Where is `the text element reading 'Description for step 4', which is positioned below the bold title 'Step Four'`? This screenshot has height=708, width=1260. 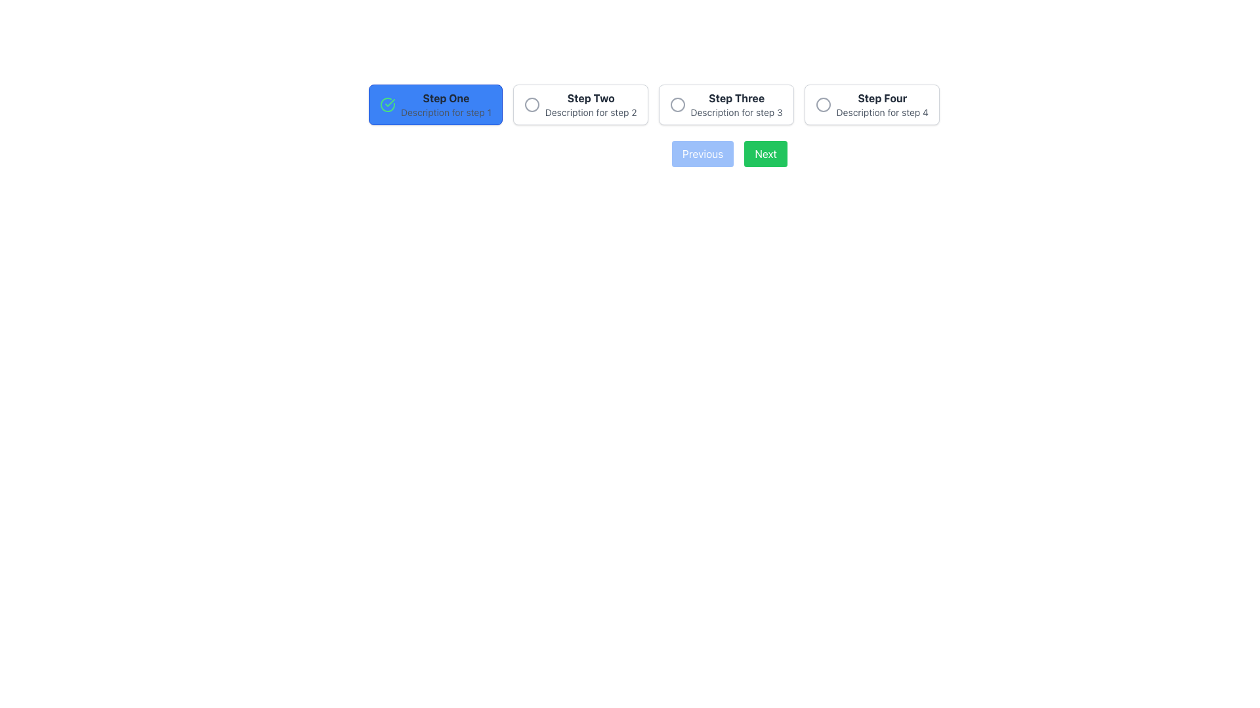 the text element reading 'Description for step 4', which is positioned below the bold title 'Step Four' is located at coordinates (882, 112).